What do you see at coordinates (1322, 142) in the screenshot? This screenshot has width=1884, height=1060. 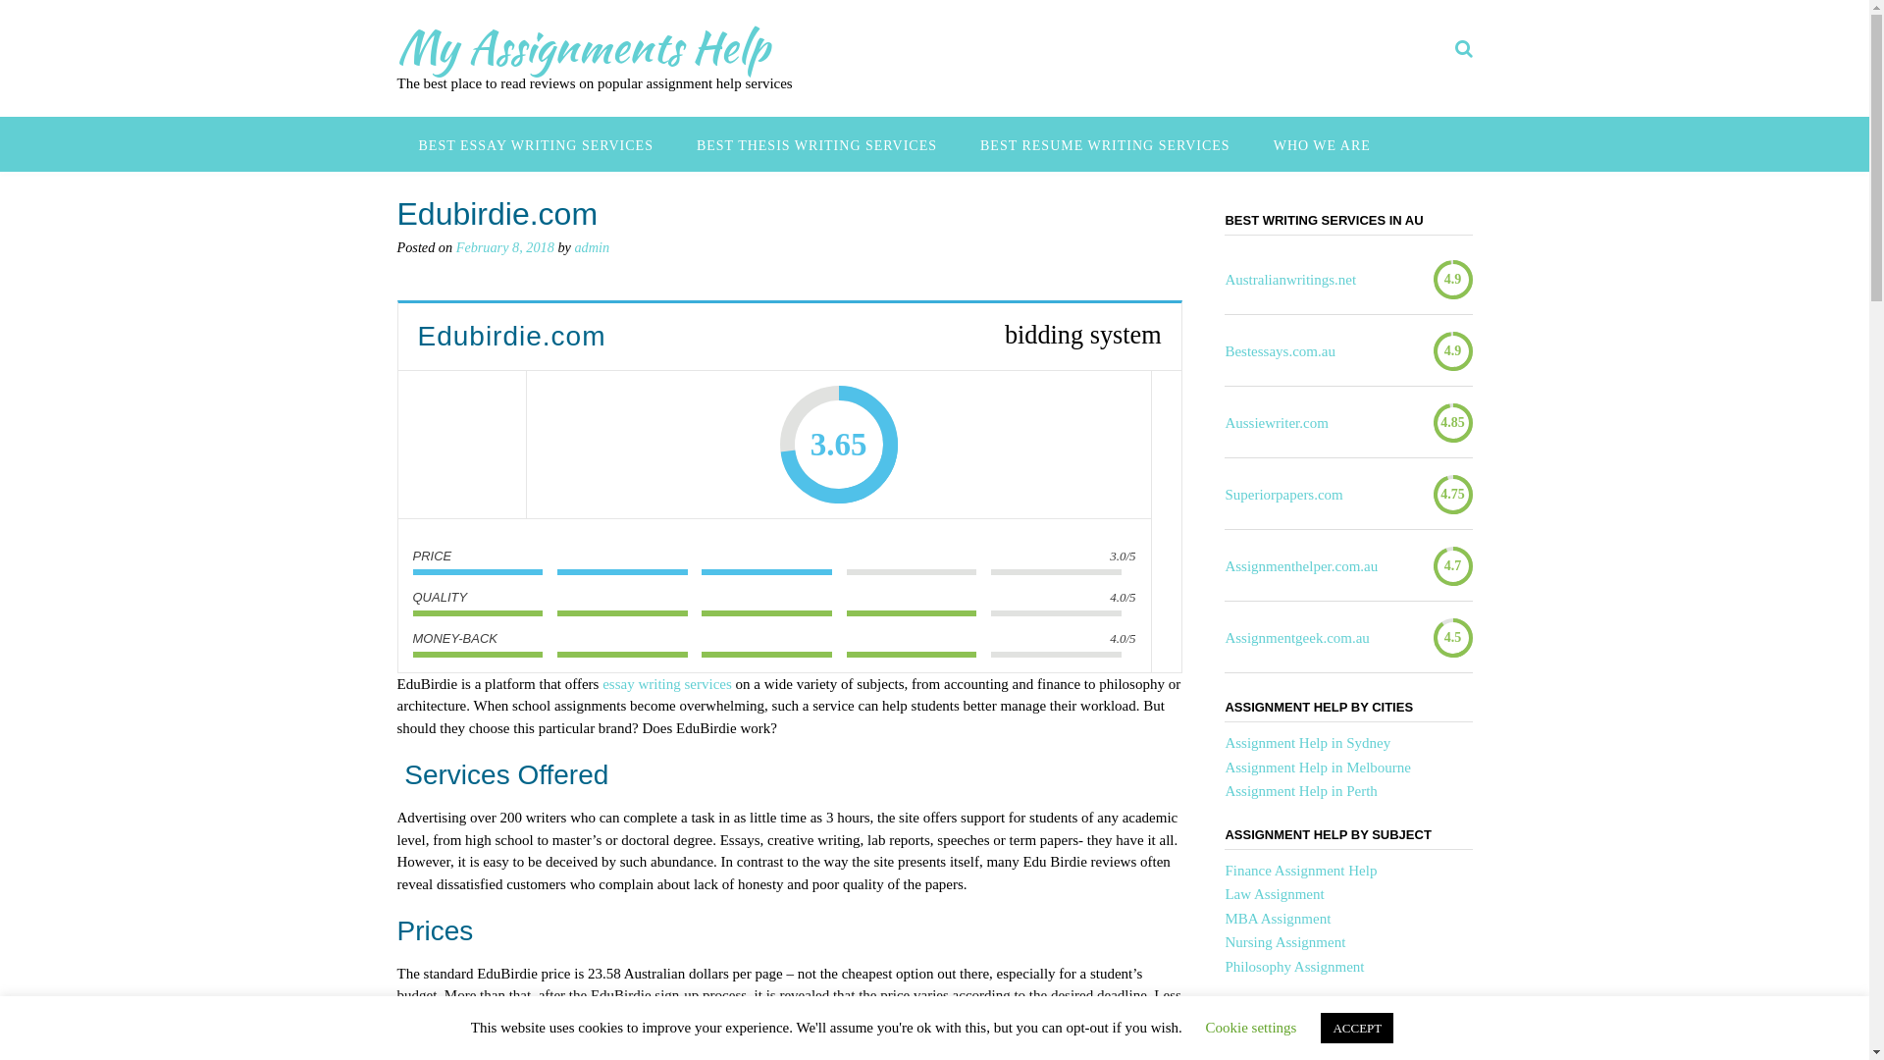 I see `'WHO WE ARE'` at bounding box center [1322, 142].